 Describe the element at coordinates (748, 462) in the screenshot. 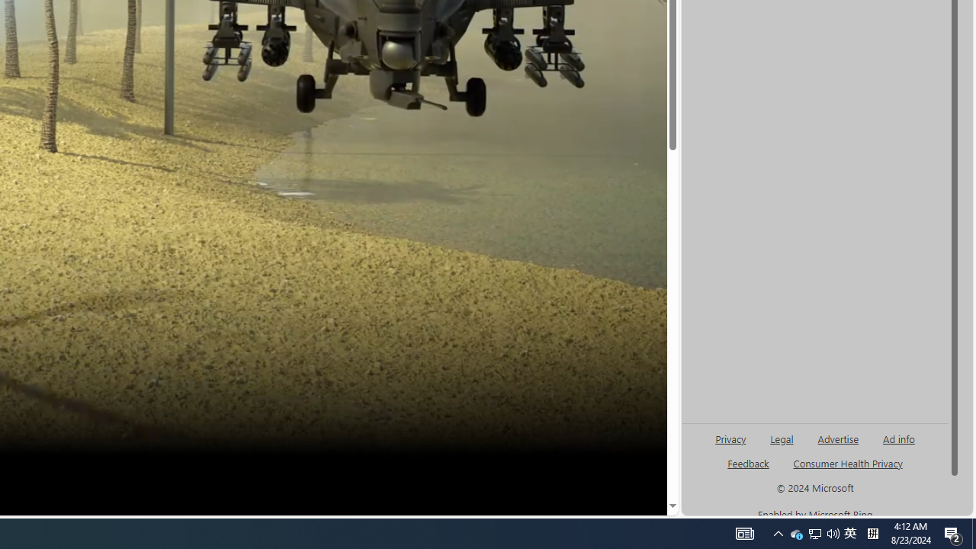

I see `'AutomationID: sb_feedback'` at that location.